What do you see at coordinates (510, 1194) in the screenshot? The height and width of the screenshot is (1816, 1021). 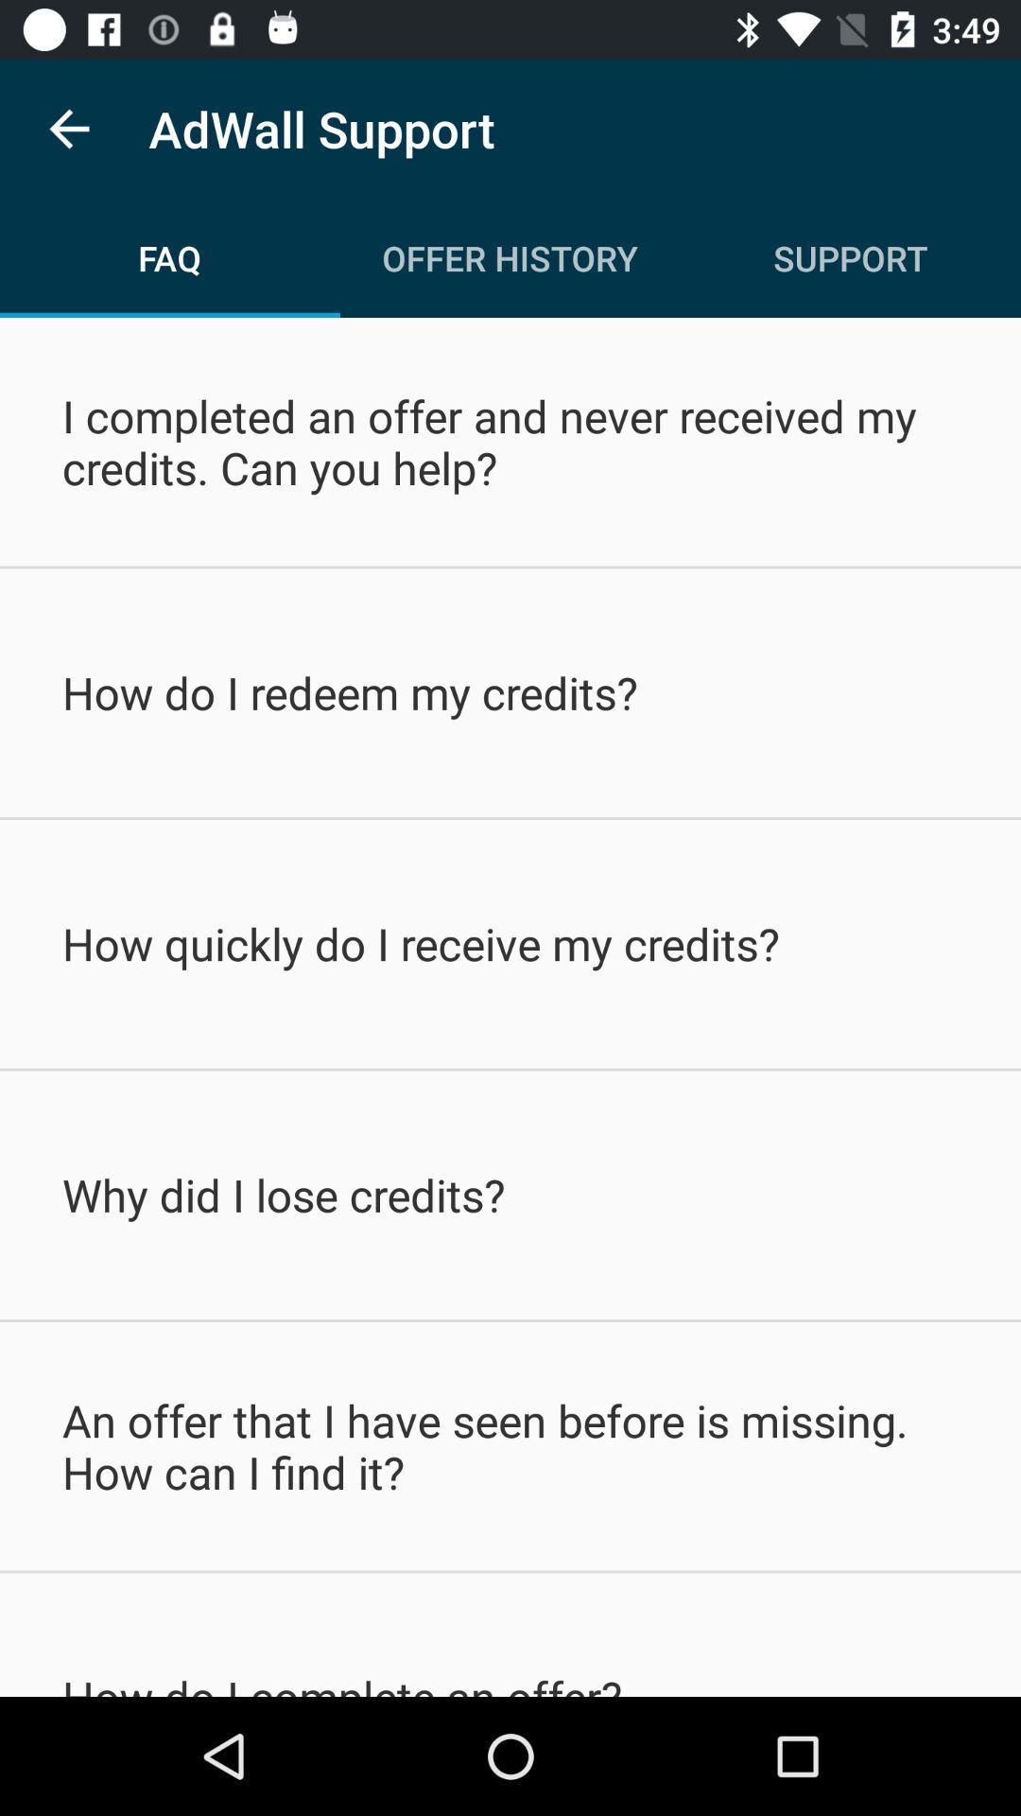 I see `item below how quickly do` at bounding box center [510, 1194].